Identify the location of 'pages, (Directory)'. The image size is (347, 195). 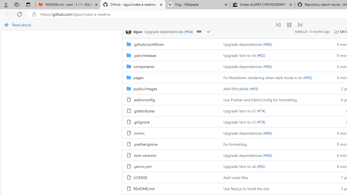
(138, 77).